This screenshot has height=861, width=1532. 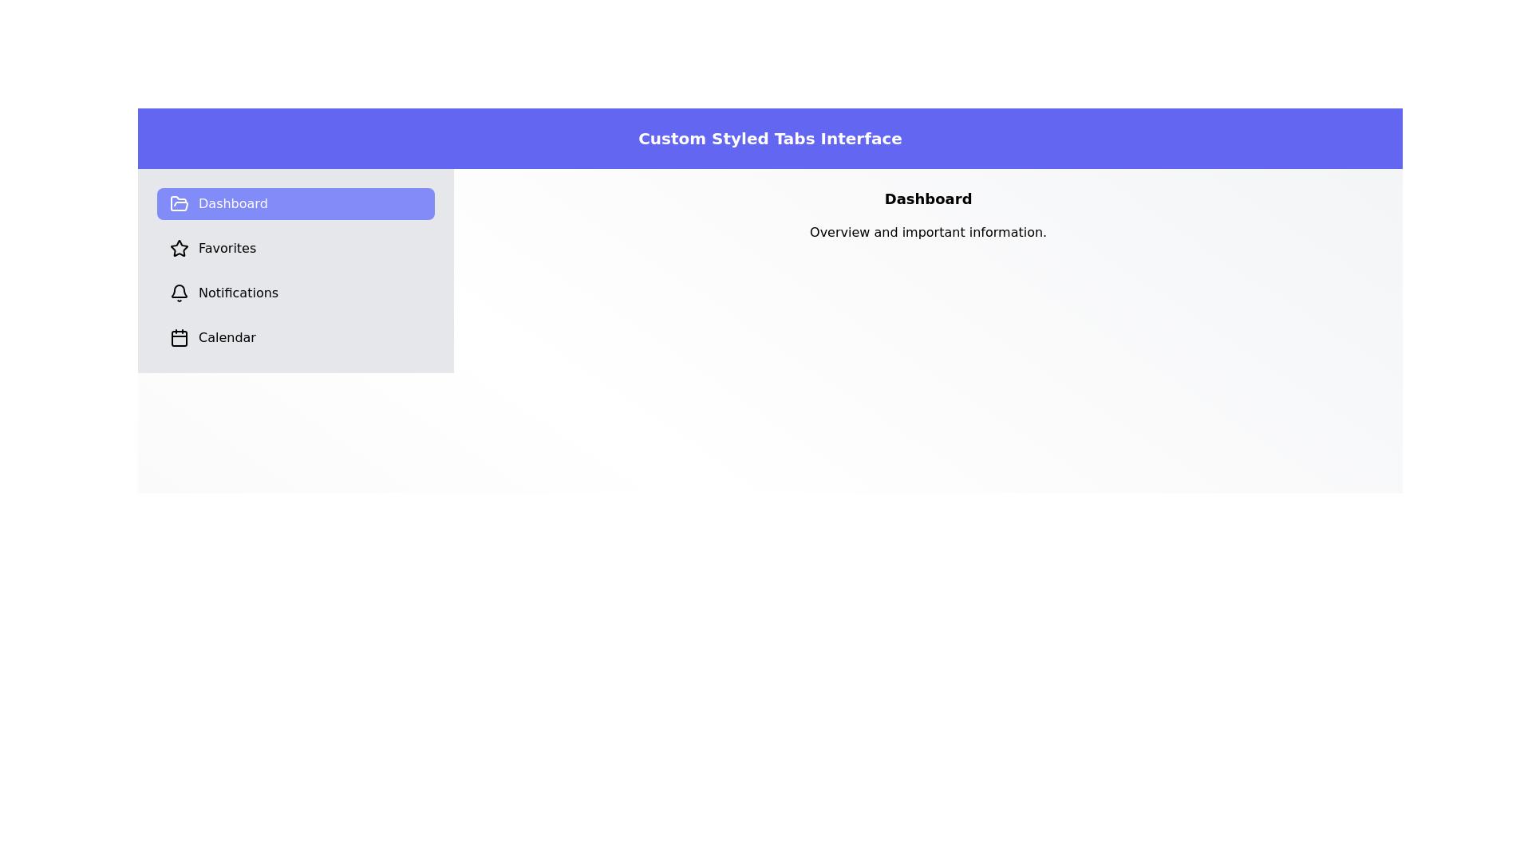 I want to click on the Favorites tab to observe its content, so click(x=295, y=249).